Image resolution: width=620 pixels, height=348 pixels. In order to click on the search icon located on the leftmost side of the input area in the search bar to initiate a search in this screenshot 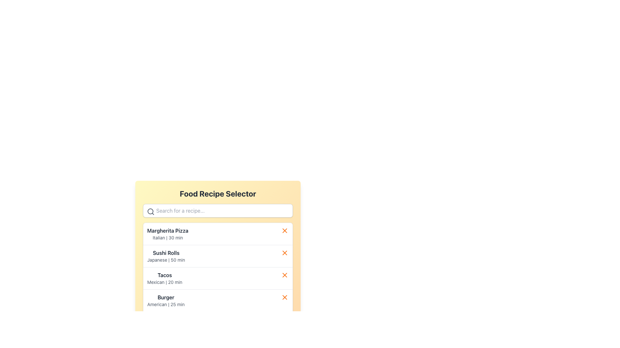, I will do `click(150, 211)`.